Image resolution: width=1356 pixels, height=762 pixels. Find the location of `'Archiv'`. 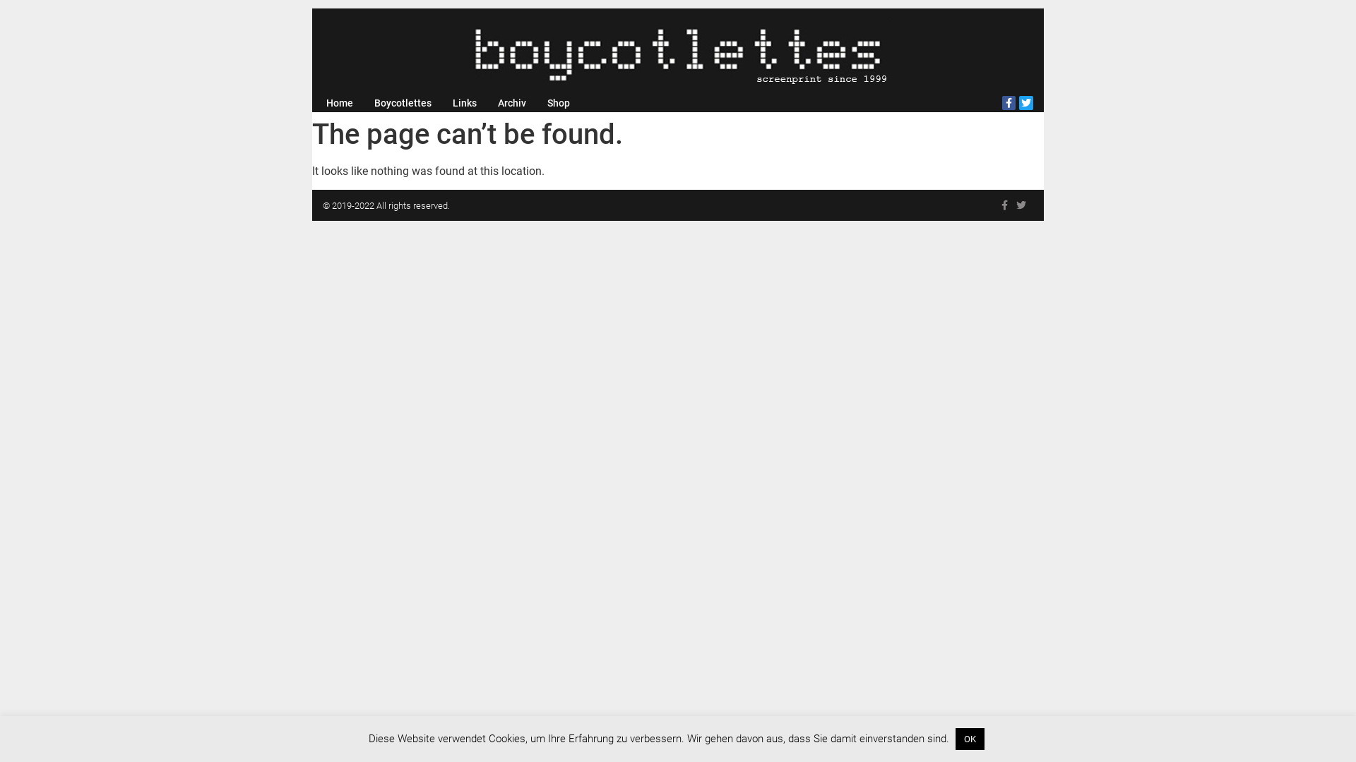

'Archiv' is located at coordinates (511, 102).